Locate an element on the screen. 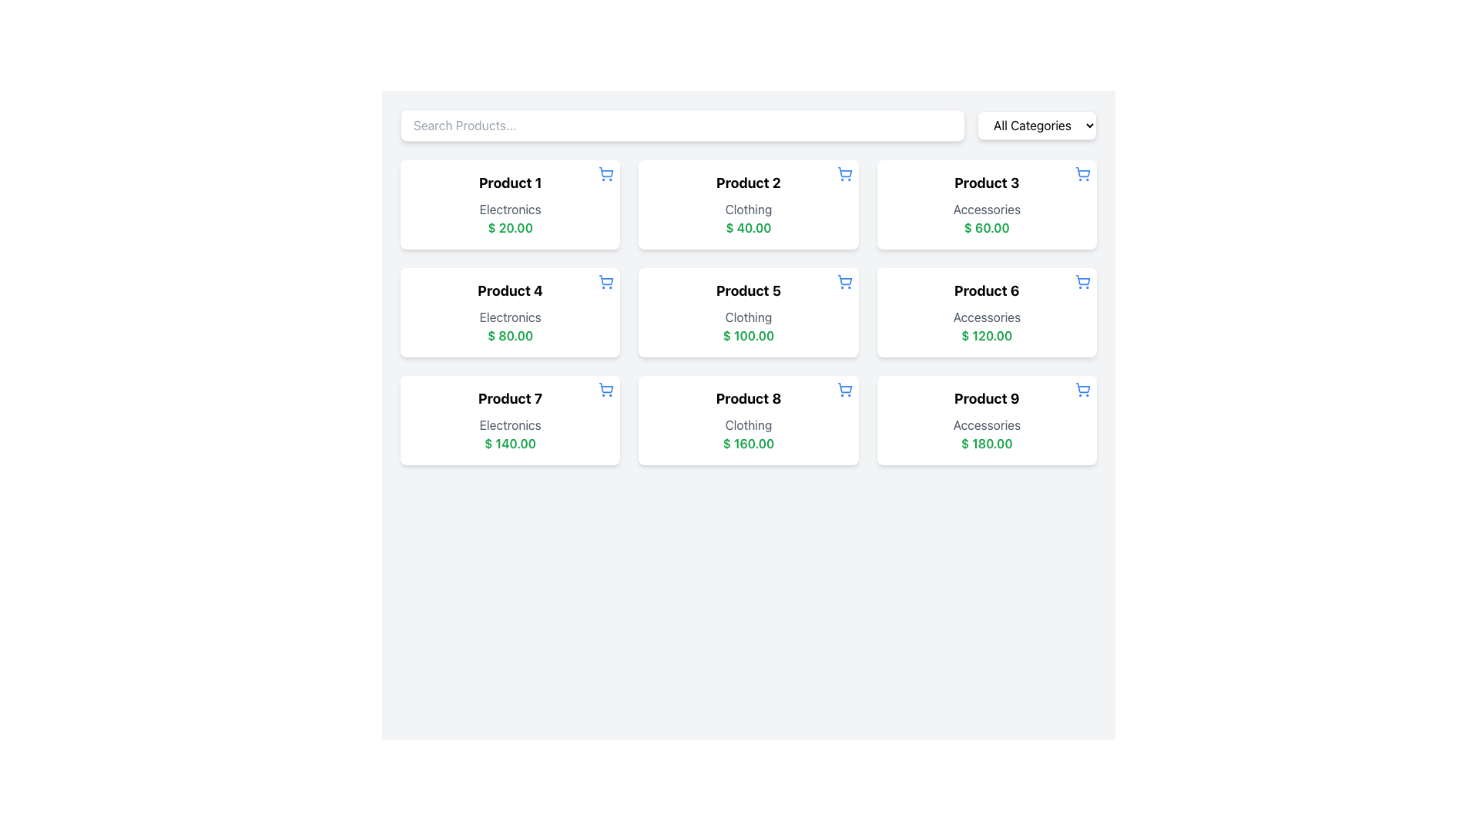  the informational card displaying the product details located in the last row and third column of the grid layout is located at coordinates (987, 421).